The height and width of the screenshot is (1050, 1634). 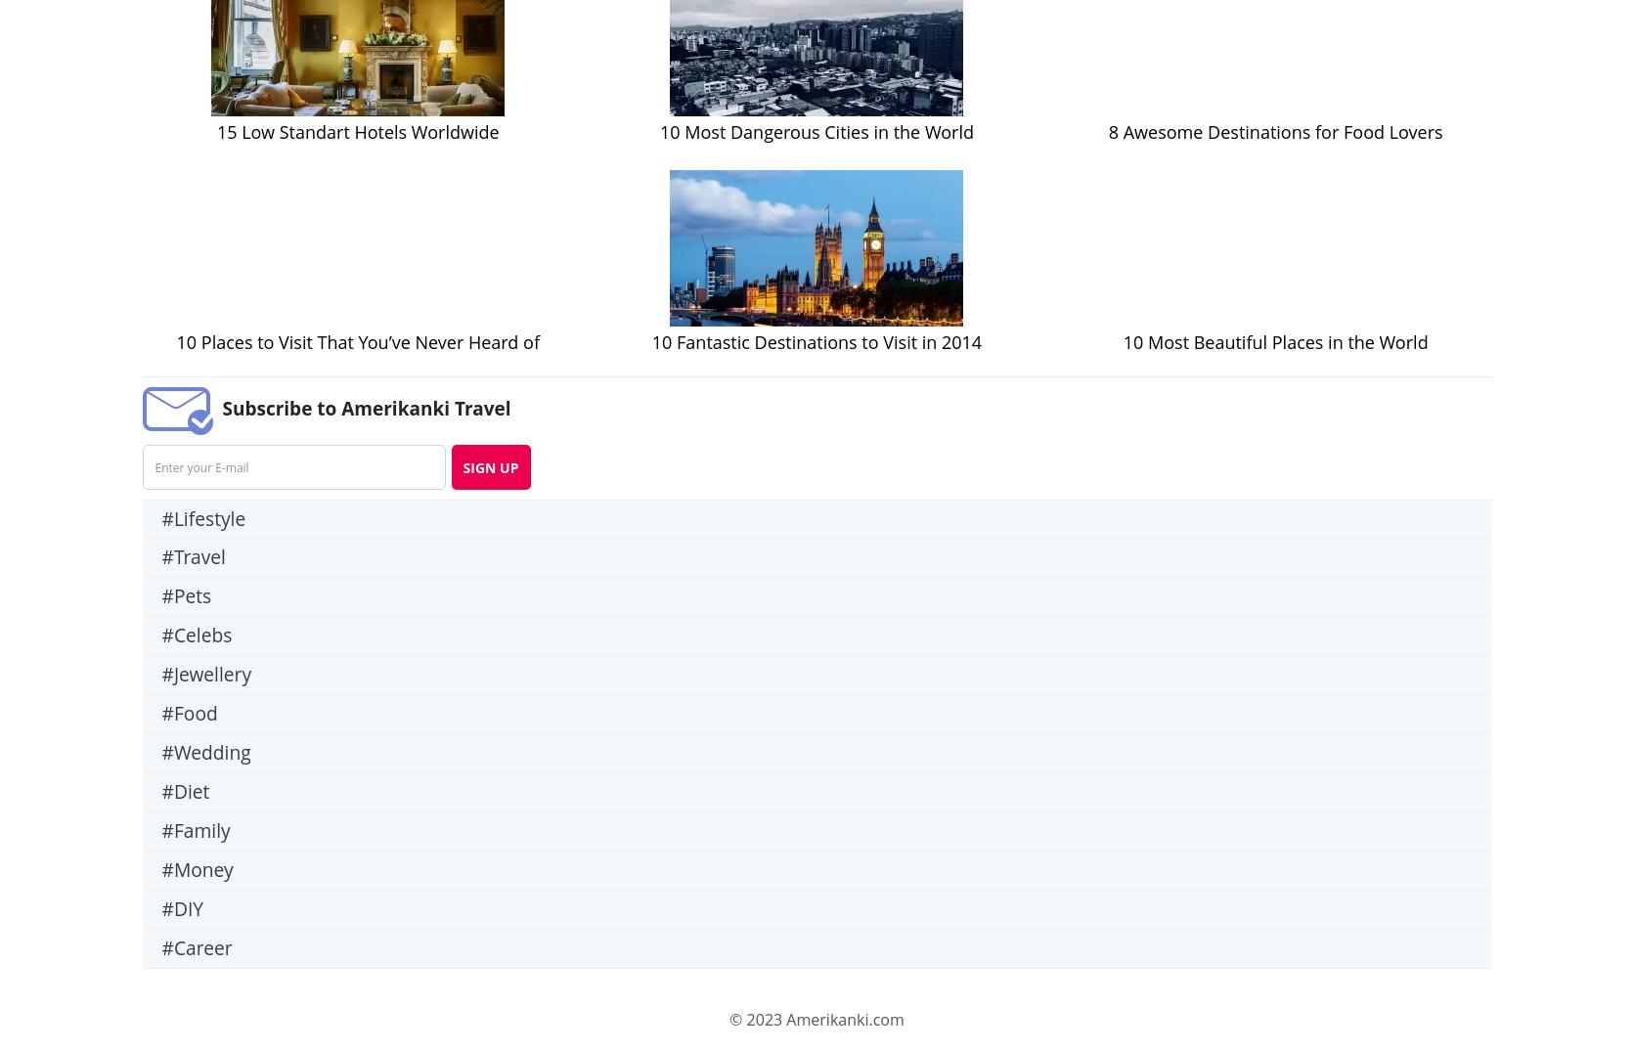 I want to click on 'Money', so click(x=202, y=868).